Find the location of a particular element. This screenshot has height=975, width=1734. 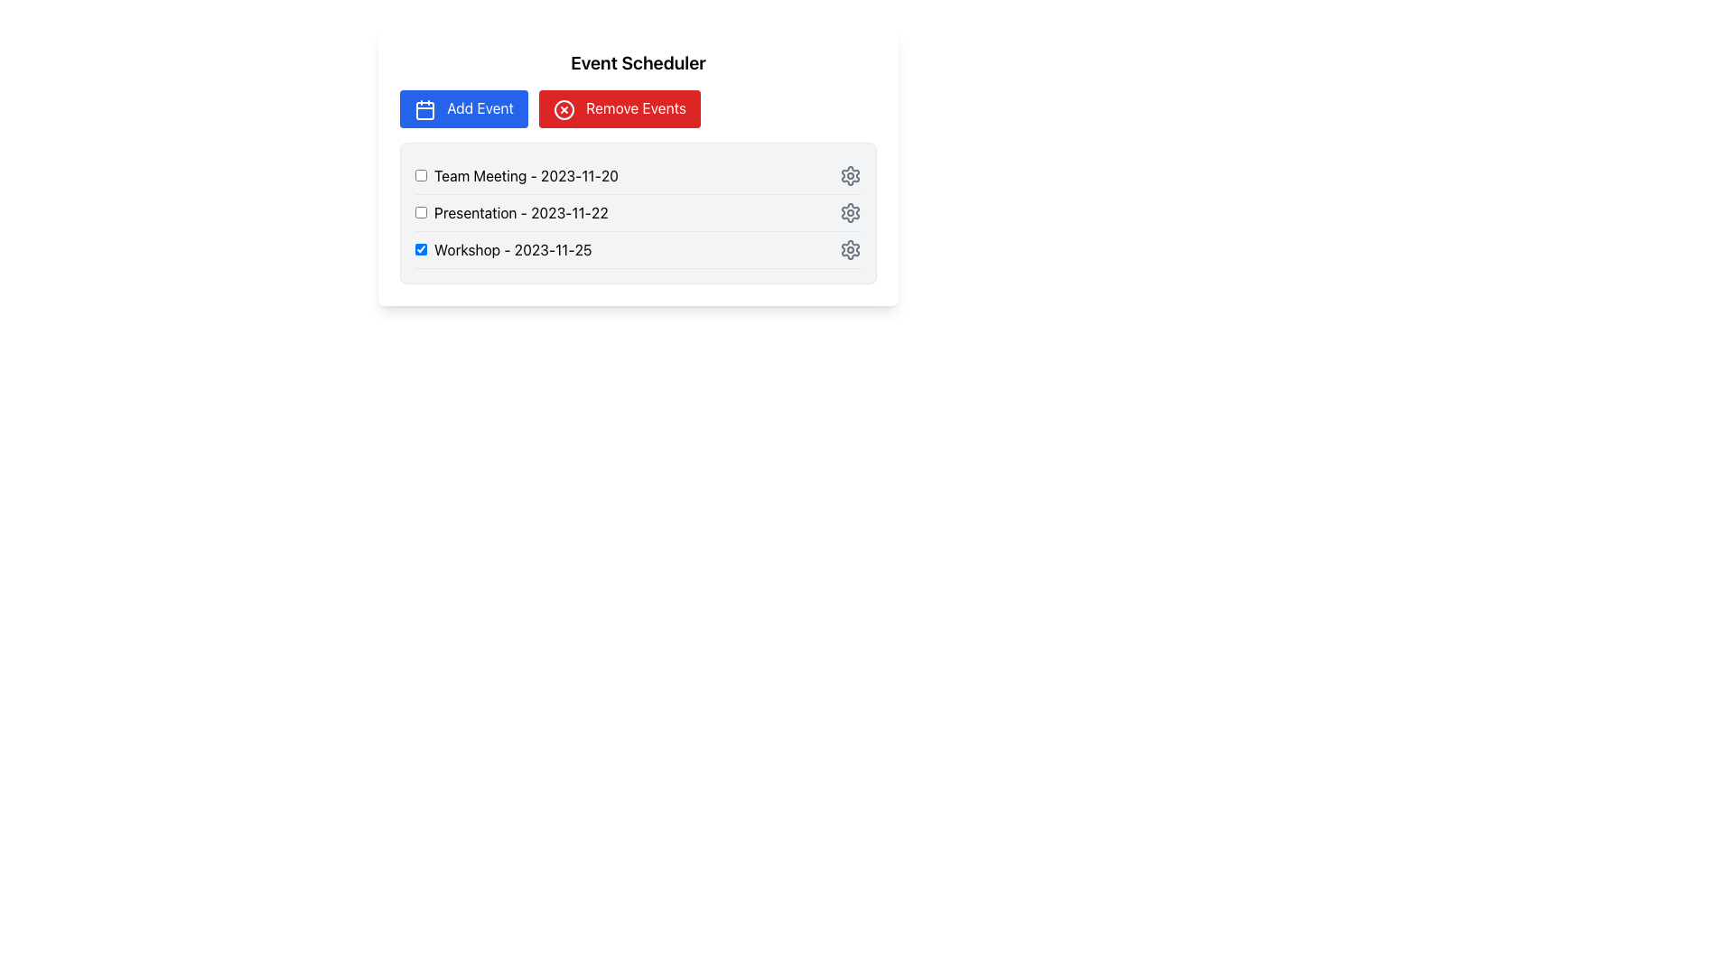

the checkbox next to the label 'Presentation - 2023-11-22' is located at coordinates (510, 211).